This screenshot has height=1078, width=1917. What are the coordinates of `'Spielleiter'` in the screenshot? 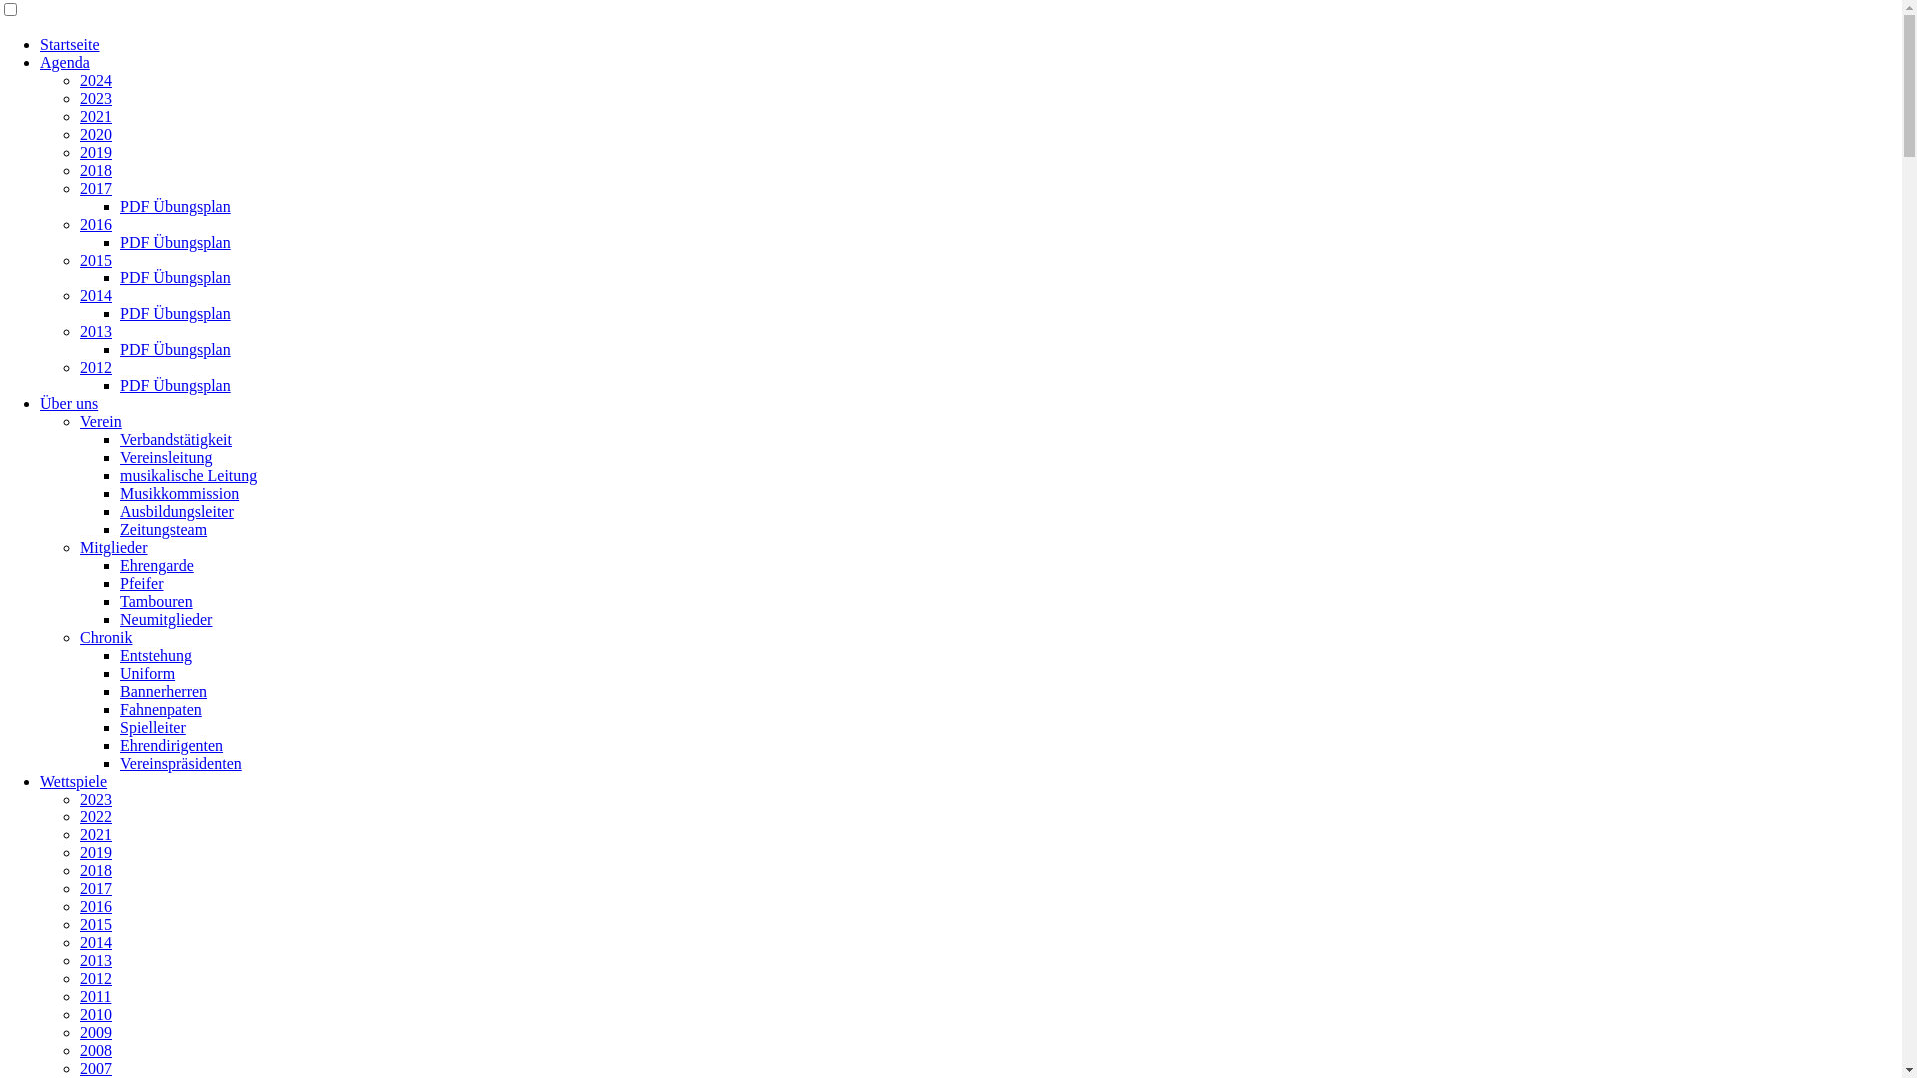 It's located at (152, 727).